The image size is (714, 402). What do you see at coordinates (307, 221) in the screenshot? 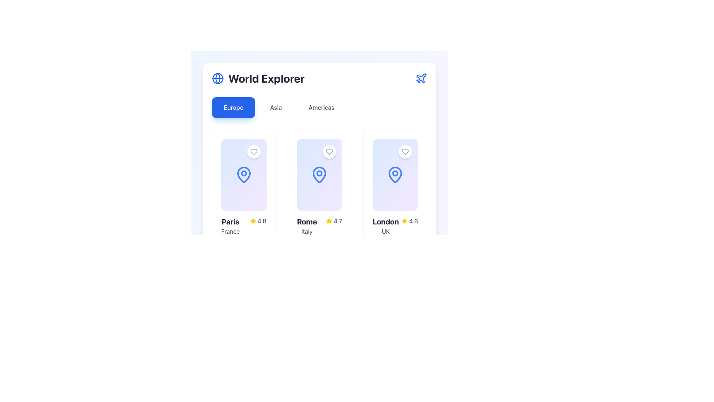
I see `the Text Label displaying 'Rome' in bold, large font, which is located above the text 'Italy' within a card layout` at bounding box center [307, 221].